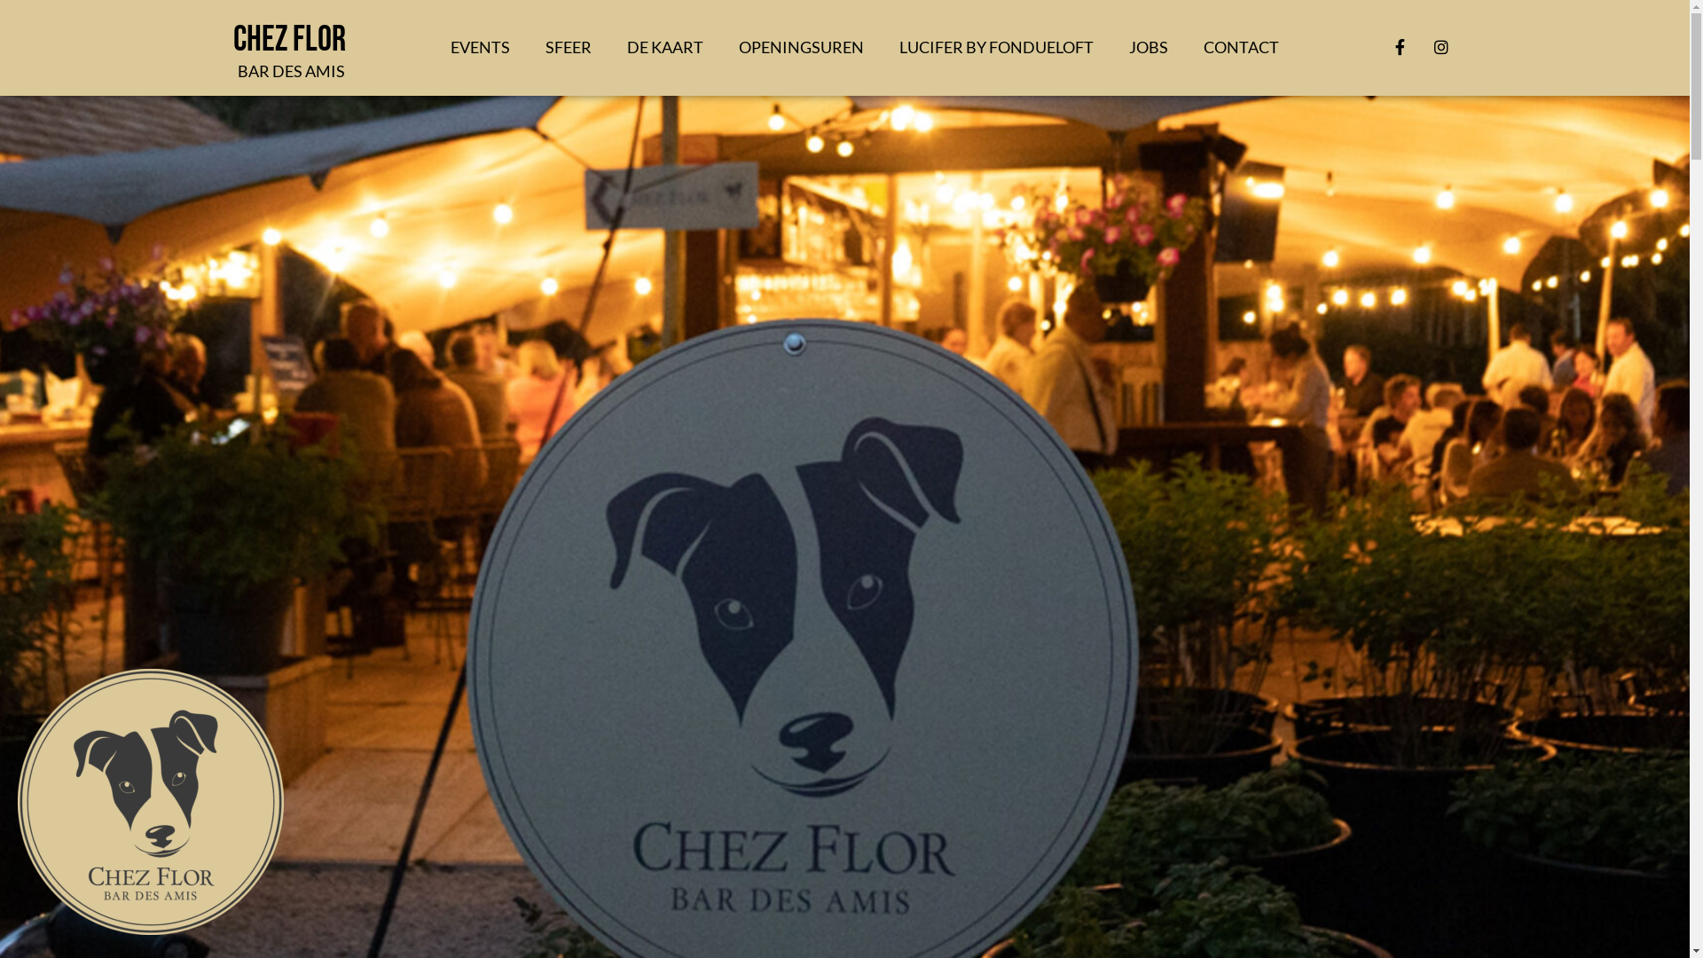 The width and height of the screenshot is (1703, 958). What do you see at coordinates (480, 46) in the screenshot?
I see `'EVENTS'` at bounding box center [480, 46].